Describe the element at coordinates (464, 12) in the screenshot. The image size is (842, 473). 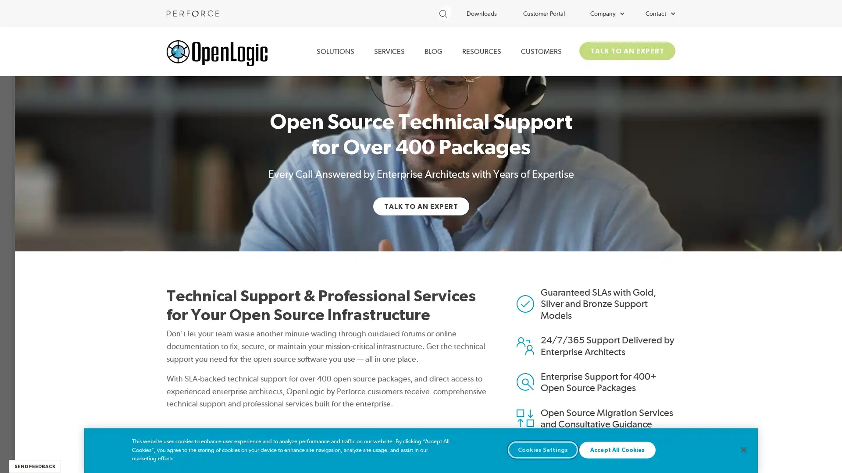
I see `Search` at that location.